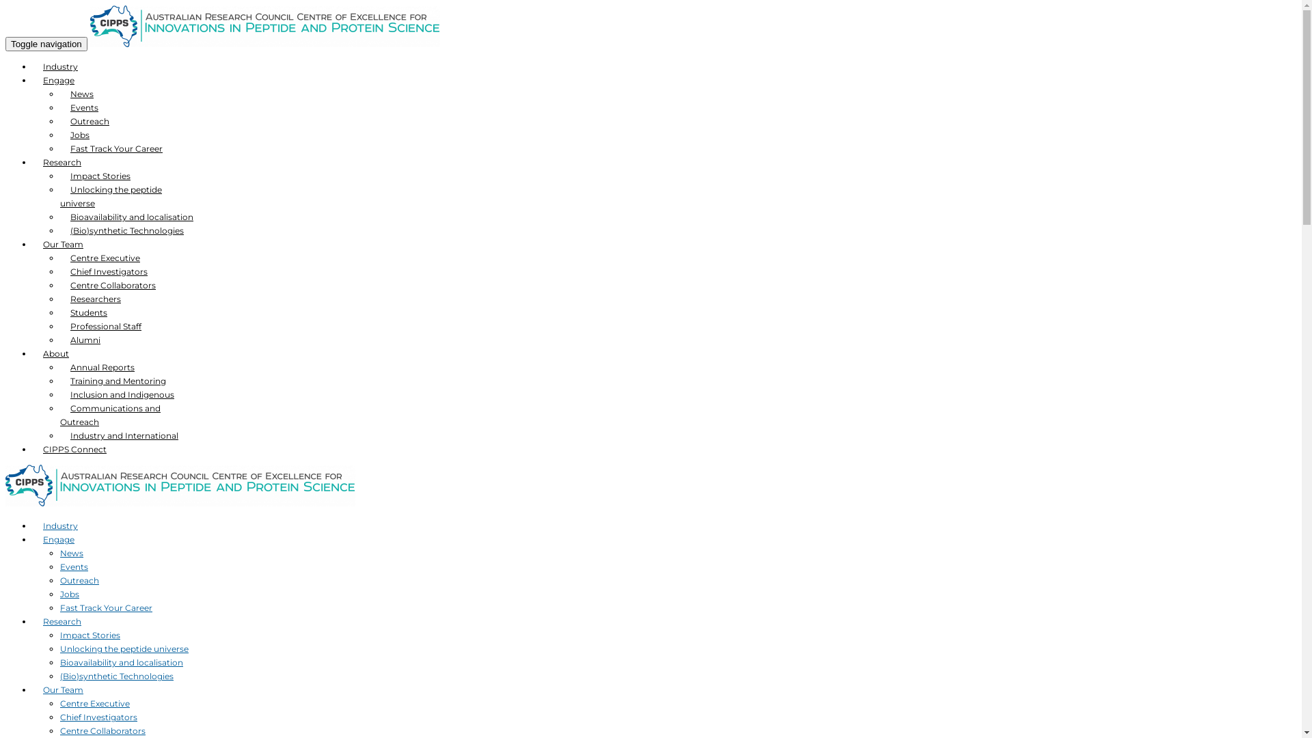 This screenshot has height=738, width=1312. Describe the element at coordinates (74, 449) in the screenshot. I see `'CIPPS Connect'` at that location.